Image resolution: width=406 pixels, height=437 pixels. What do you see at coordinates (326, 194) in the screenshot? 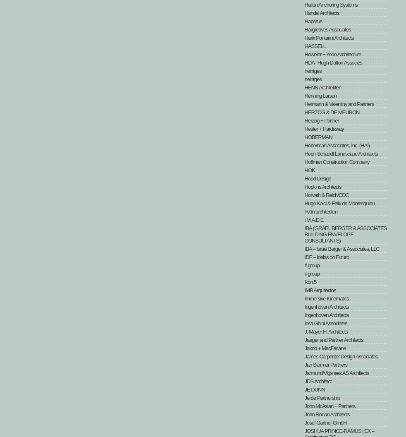
I see `'Horvath & Reich/CDC'` at bounding box center [326, 194].